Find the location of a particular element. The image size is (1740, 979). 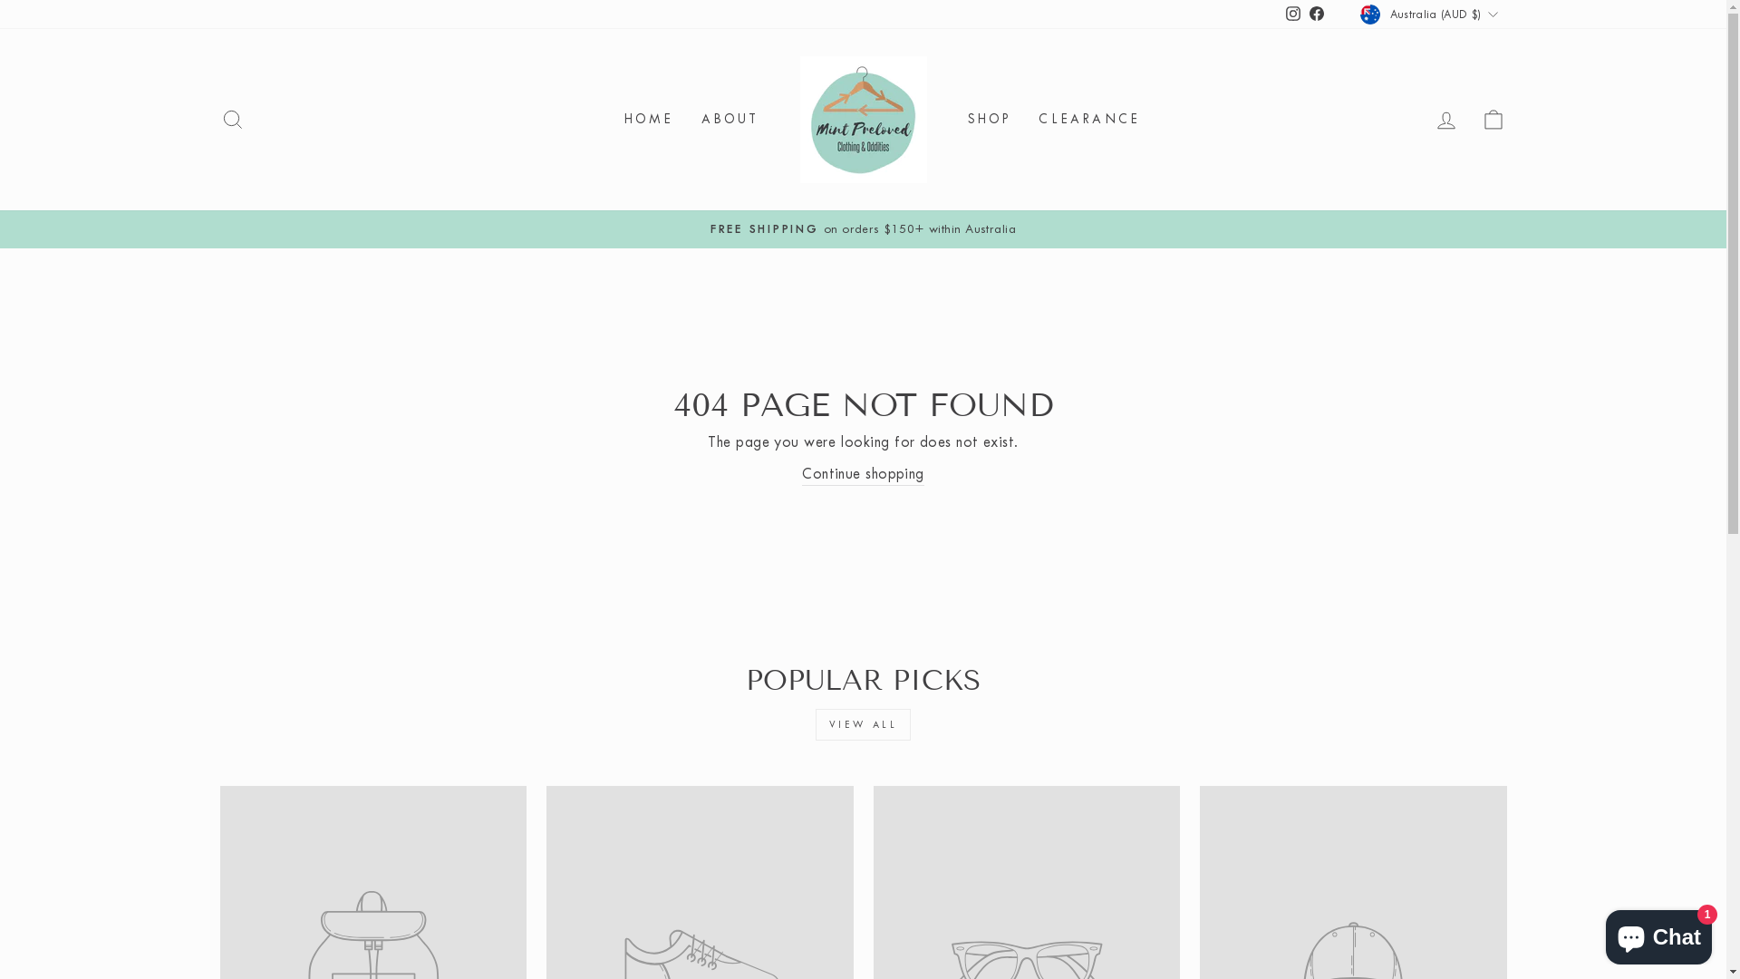

'VIEW ALL' is located at coordinates (863, 723).